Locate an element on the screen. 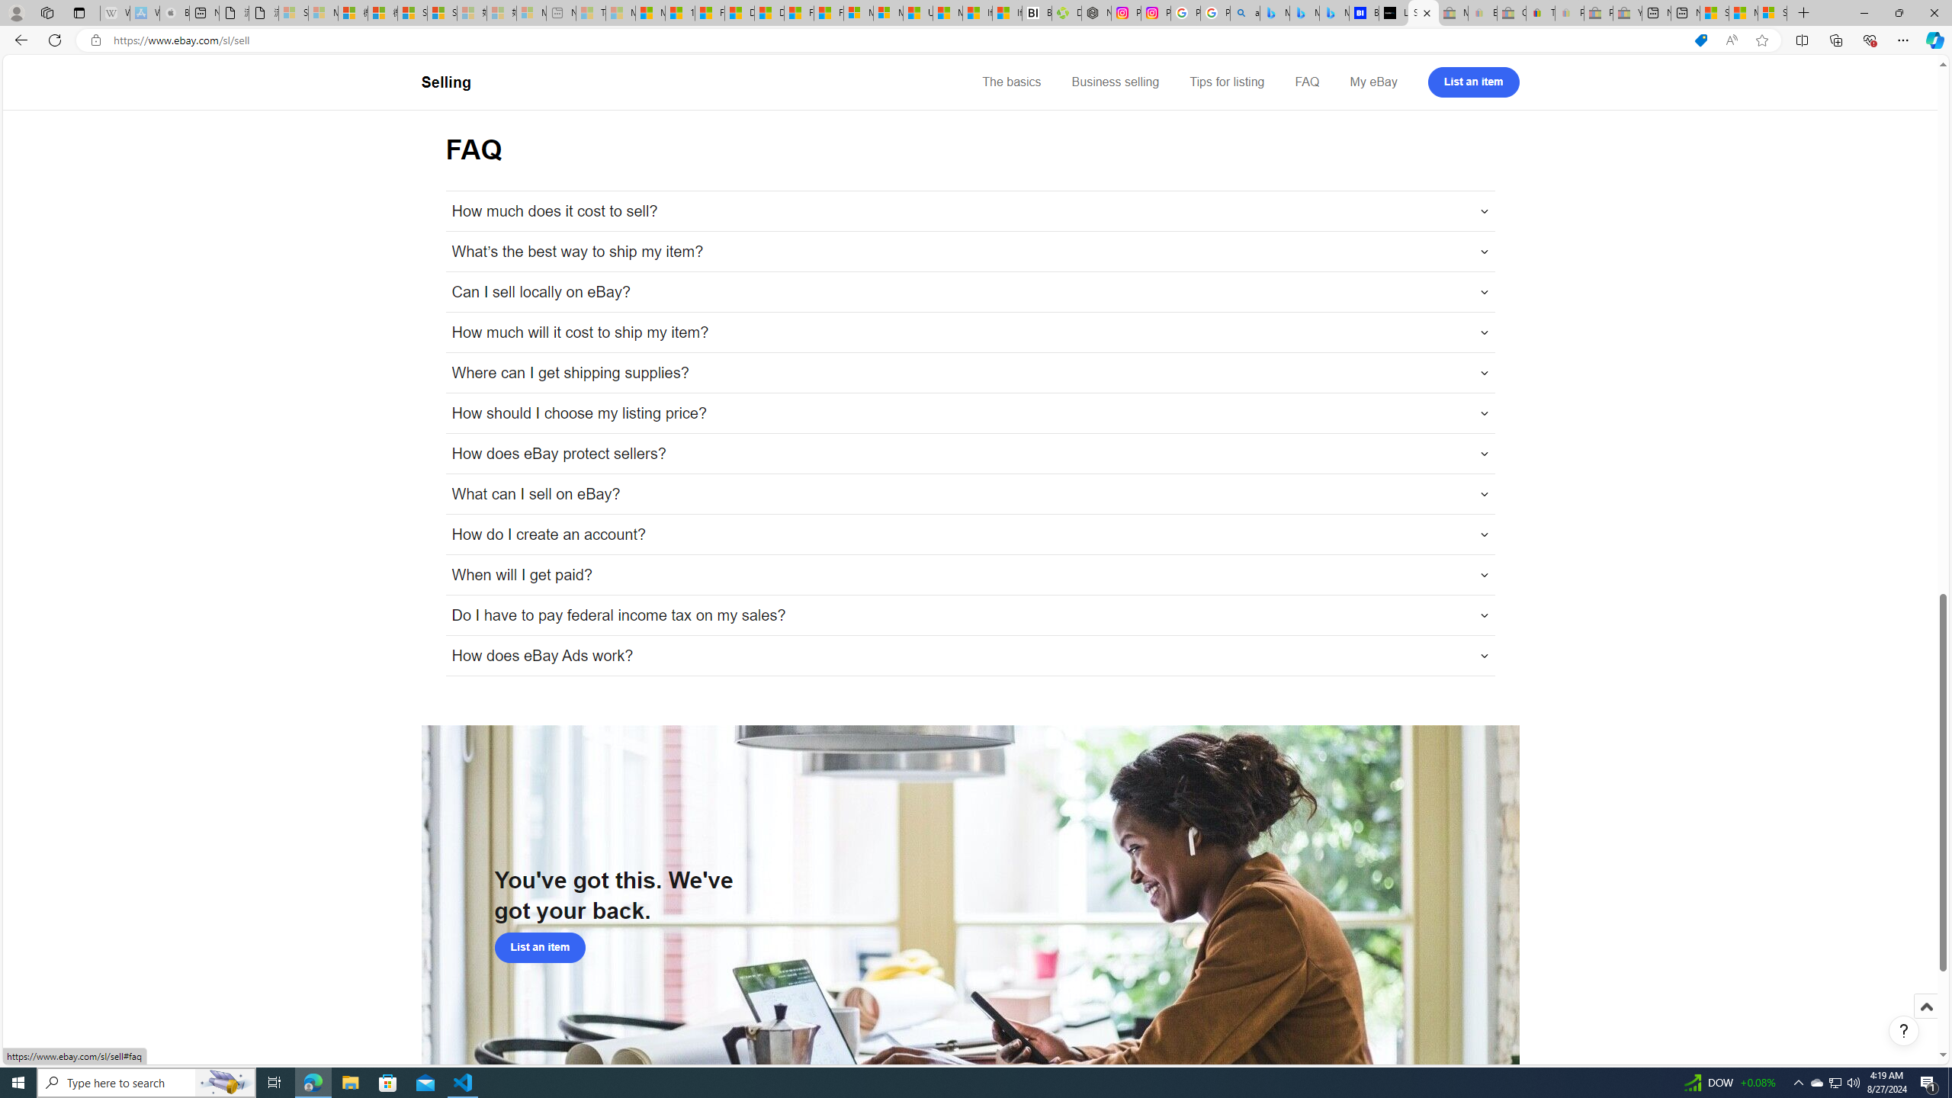  'Tips for listing' is located at coordinates (1225, 82).